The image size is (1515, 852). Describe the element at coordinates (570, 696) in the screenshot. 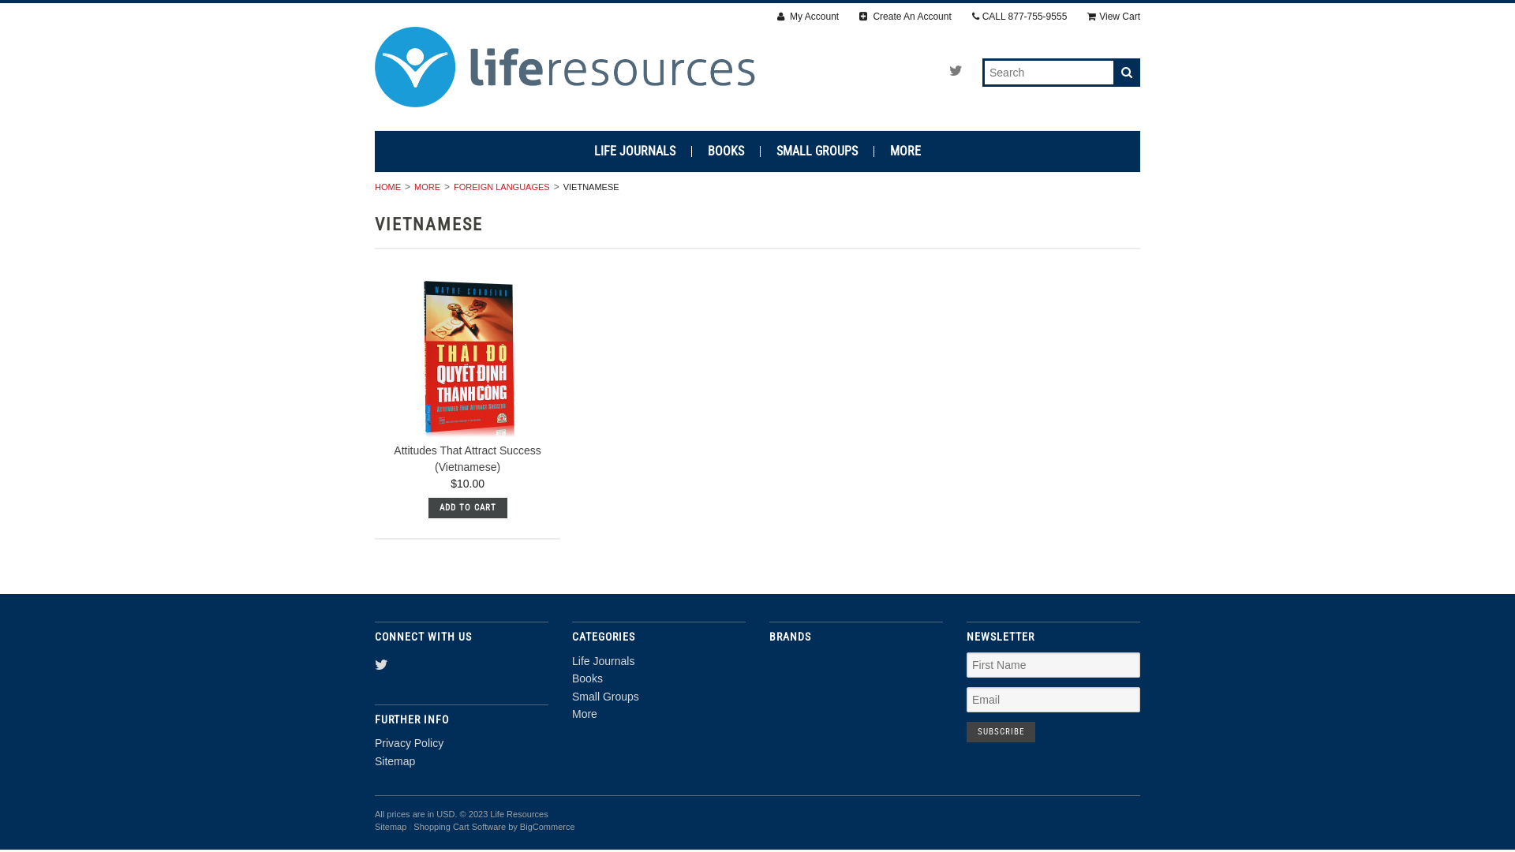

I see `'Small Groups'` at that location.